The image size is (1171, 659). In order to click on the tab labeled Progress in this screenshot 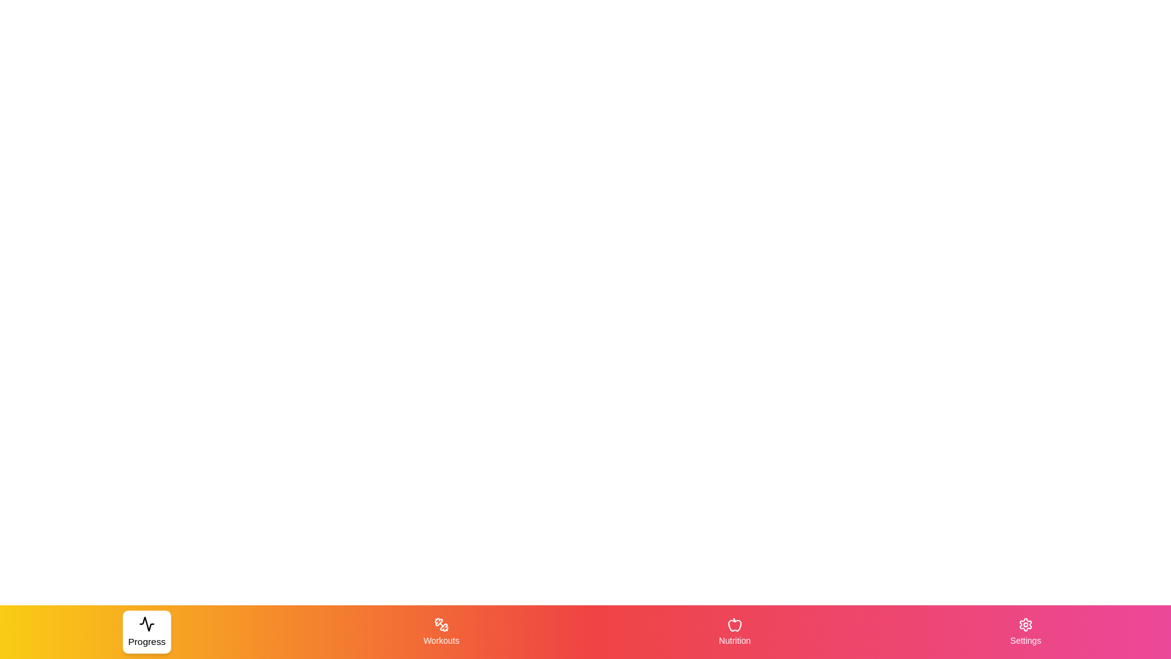, I will do `click(146, 632)`.